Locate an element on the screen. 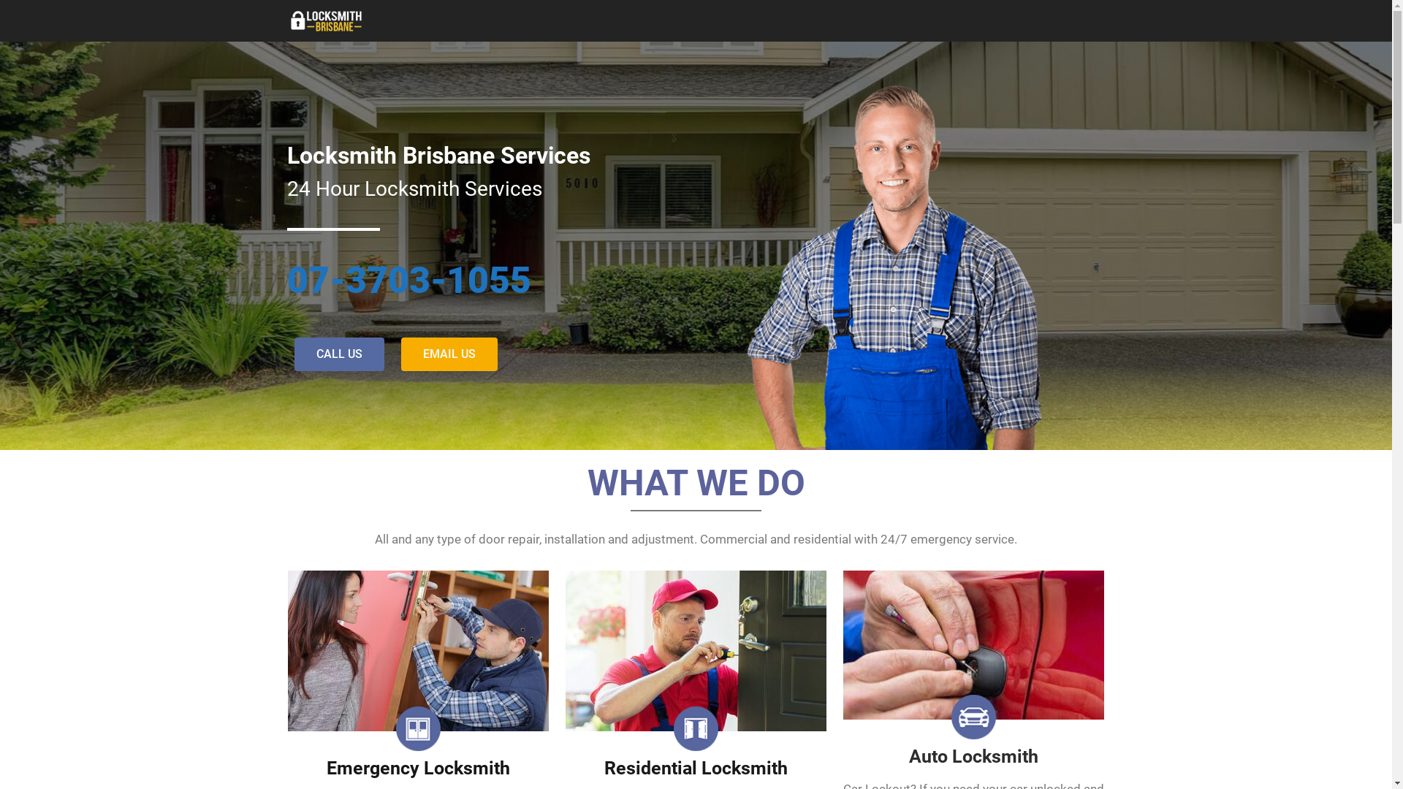  'CALL US' is located at coordinates (338, 354).